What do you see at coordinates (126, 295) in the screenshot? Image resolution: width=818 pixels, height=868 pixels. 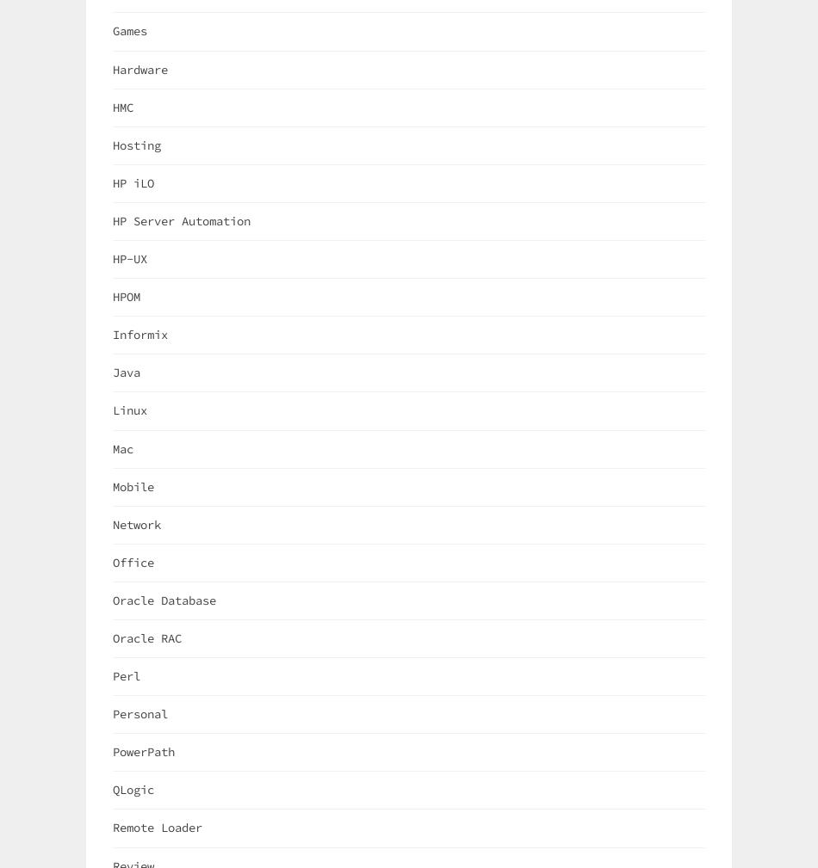 I see `'HPOM'` at bounding box center [126, 295].